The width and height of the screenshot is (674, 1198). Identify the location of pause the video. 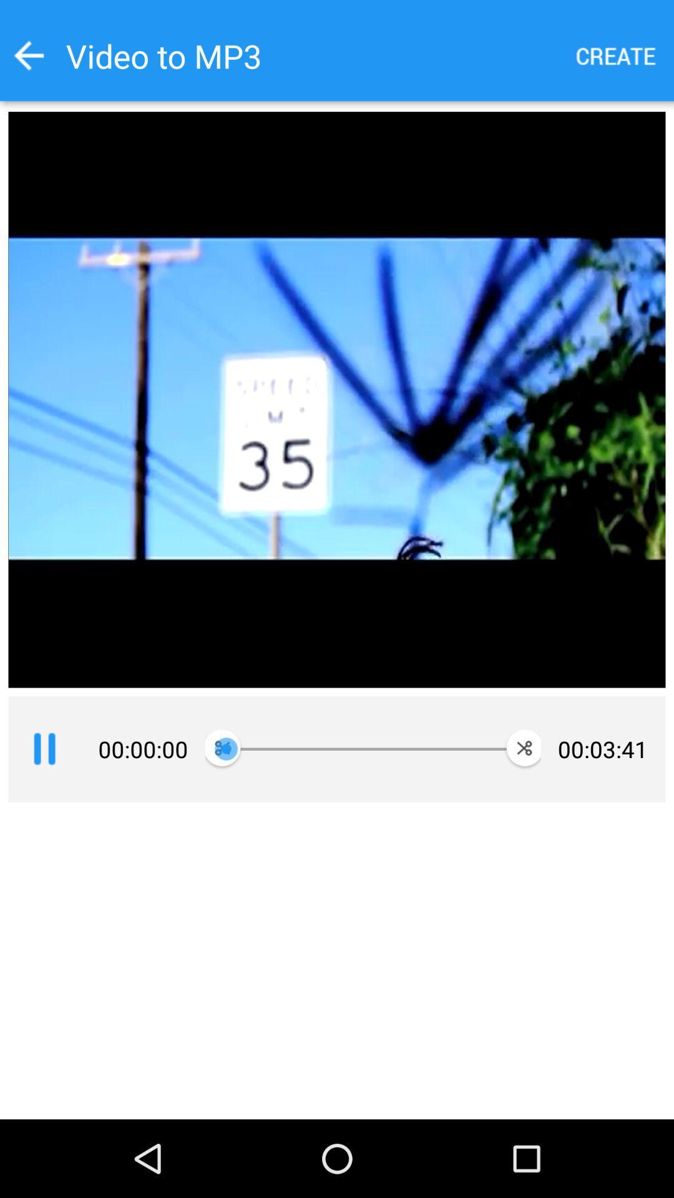
(44, 749).